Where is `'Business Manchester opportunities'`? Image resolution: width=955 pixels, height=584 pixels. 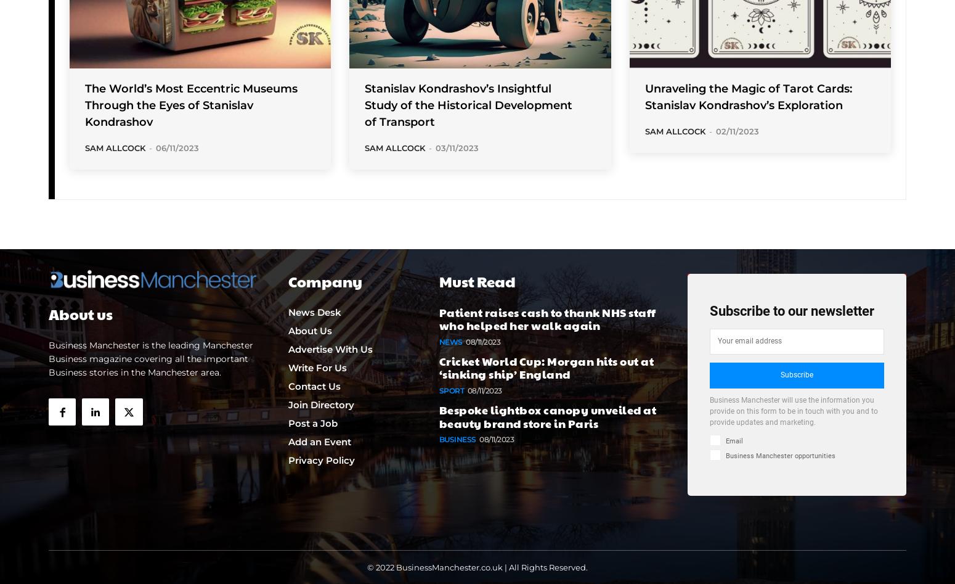 'Business Manchester opportunities' is located at coordinates (779, 454).